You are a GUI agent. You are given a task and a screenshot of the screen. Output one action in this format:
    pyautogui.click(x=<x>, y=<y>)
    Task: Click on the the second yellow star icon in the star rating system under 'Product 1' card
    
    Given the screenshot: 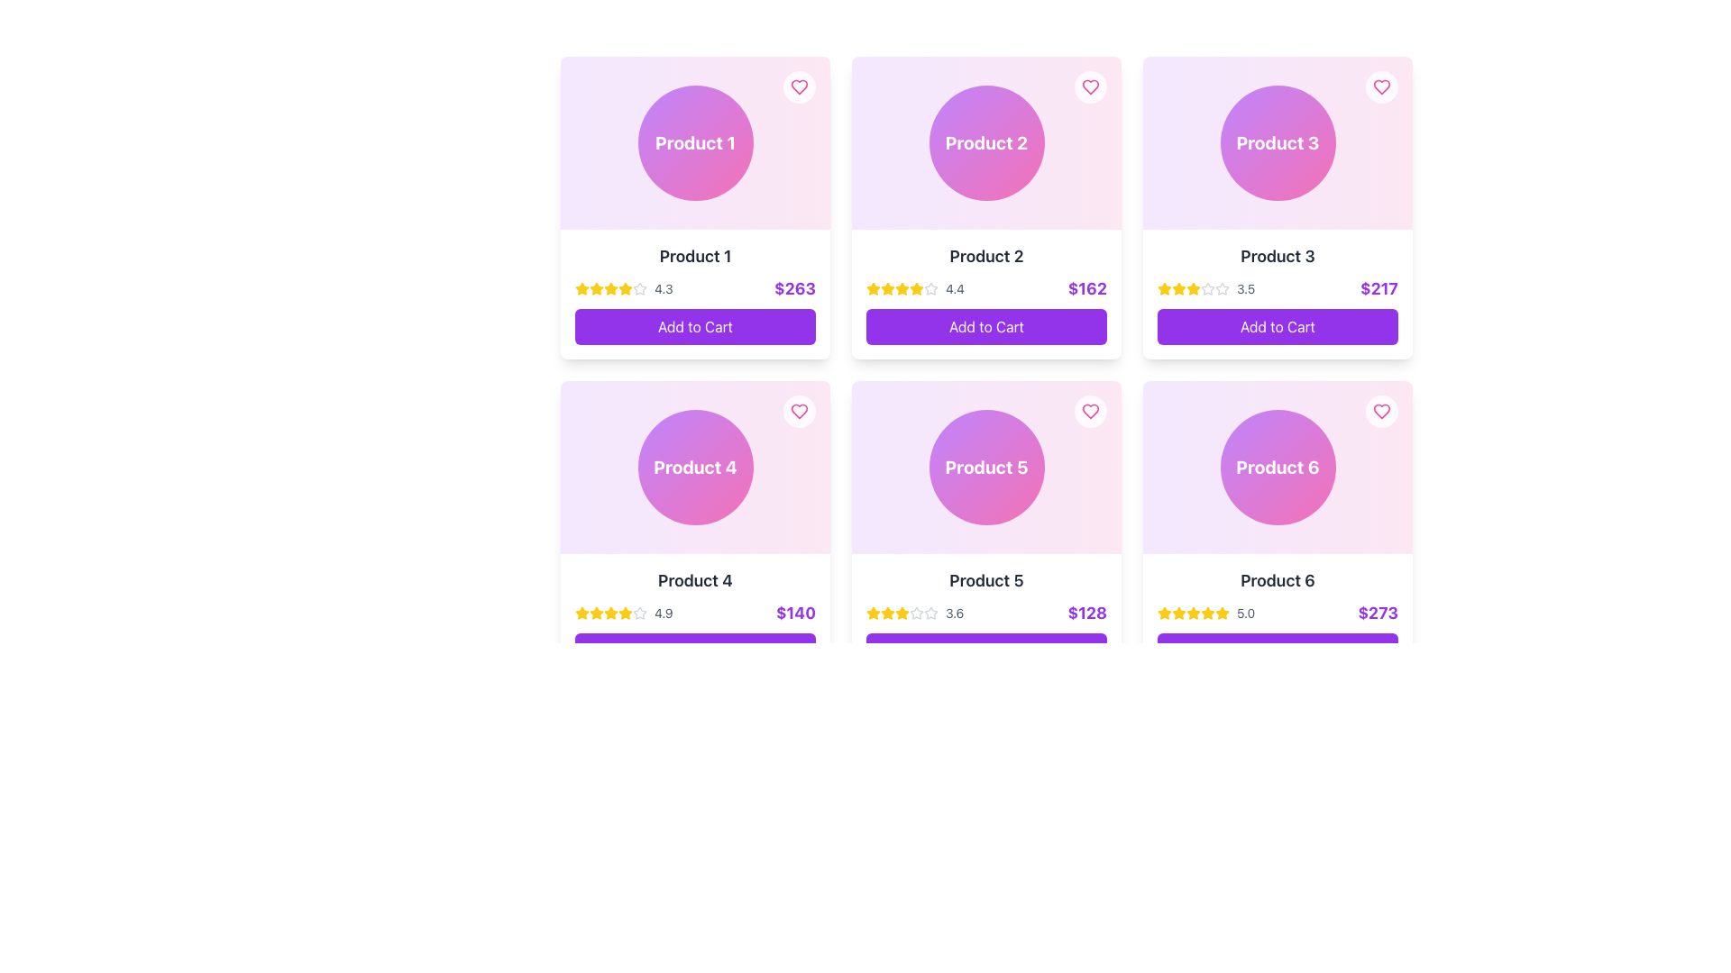 What is the action you would take?
    pyautogui.click(x=597, y=287)
    